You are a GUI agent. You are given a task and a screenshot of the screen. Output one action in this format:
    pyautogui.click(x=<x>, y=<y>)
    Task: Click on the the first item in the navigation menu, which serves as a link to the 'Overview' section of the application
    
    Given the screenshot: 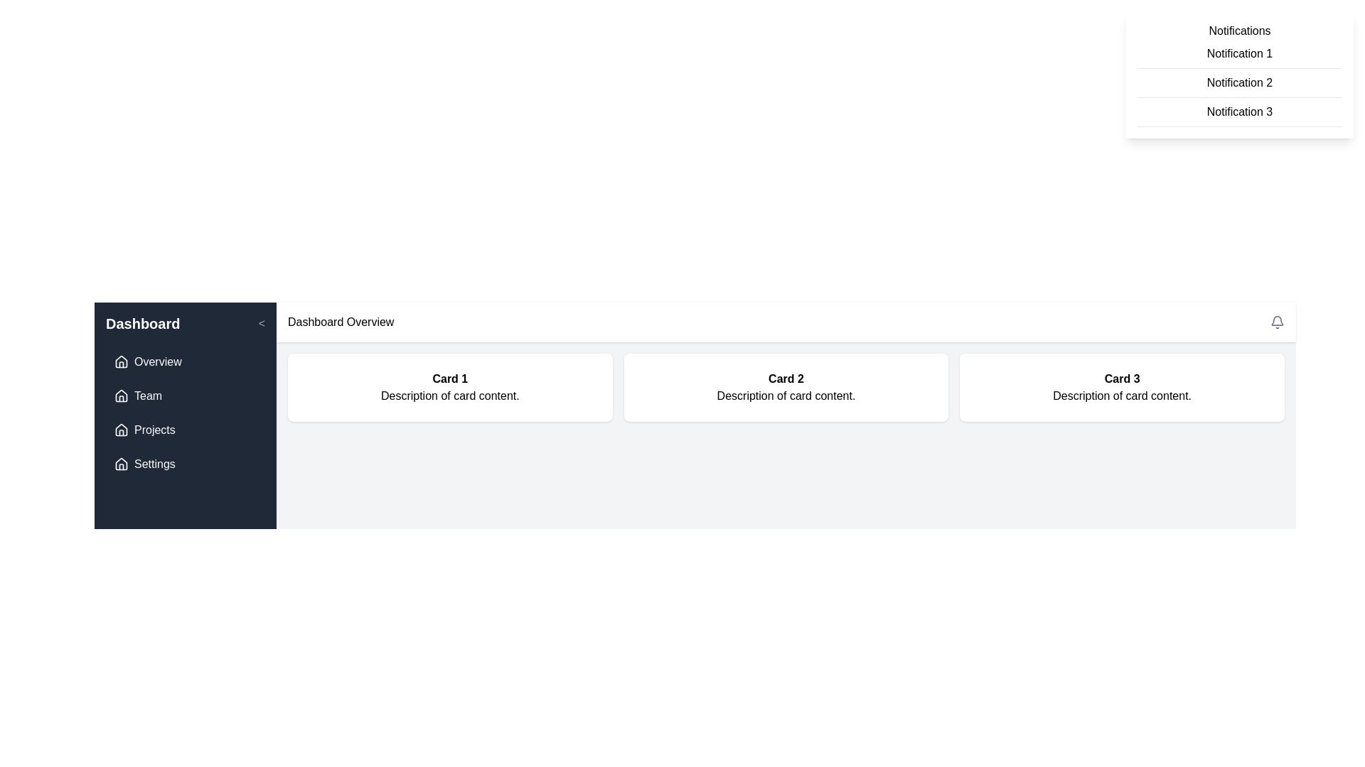 What is the action you would take?
    pyautogui.click(x=184, y=361)
    